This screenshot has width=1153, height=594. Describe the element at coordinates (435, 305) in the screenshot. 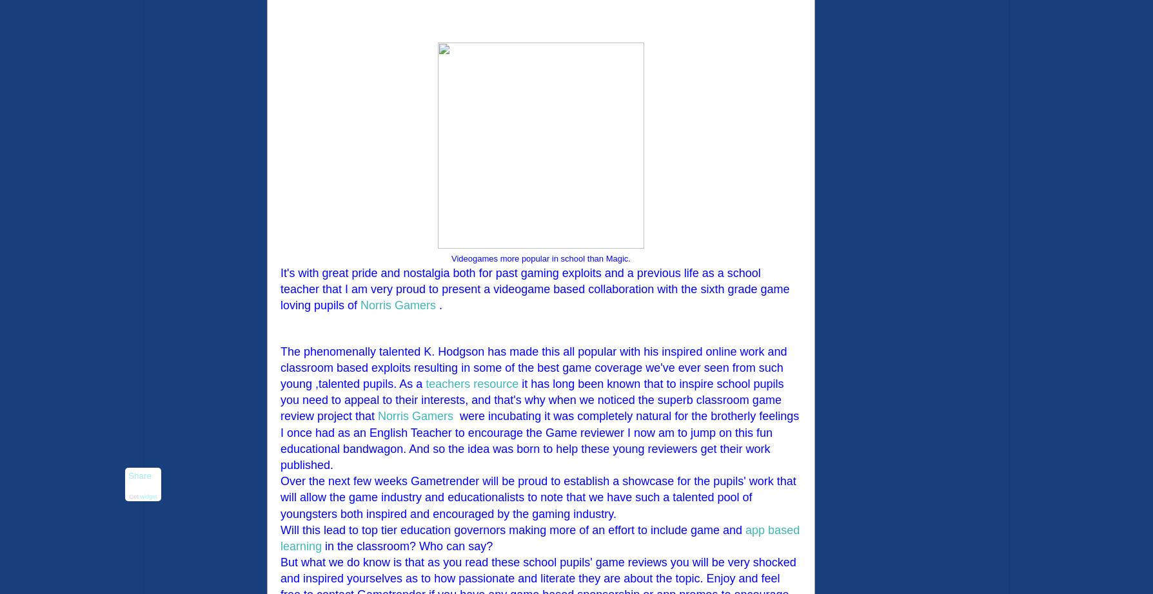

I see `'.'` at that location.